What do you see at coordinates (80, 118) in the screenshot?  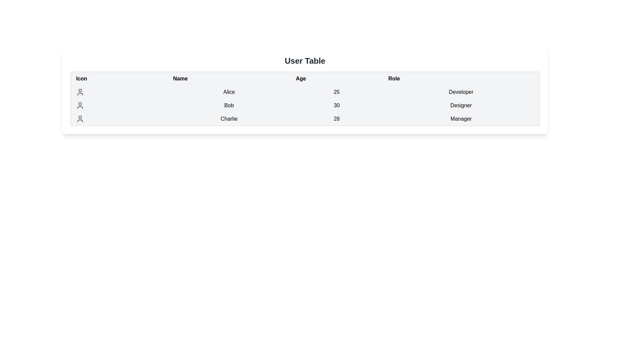 I see `the user profile icon located in the leftmost cell of the third row of the table, which contains the data 'Charlie,' '28,' and 'Manager.'` at bounding box center [80, 118].